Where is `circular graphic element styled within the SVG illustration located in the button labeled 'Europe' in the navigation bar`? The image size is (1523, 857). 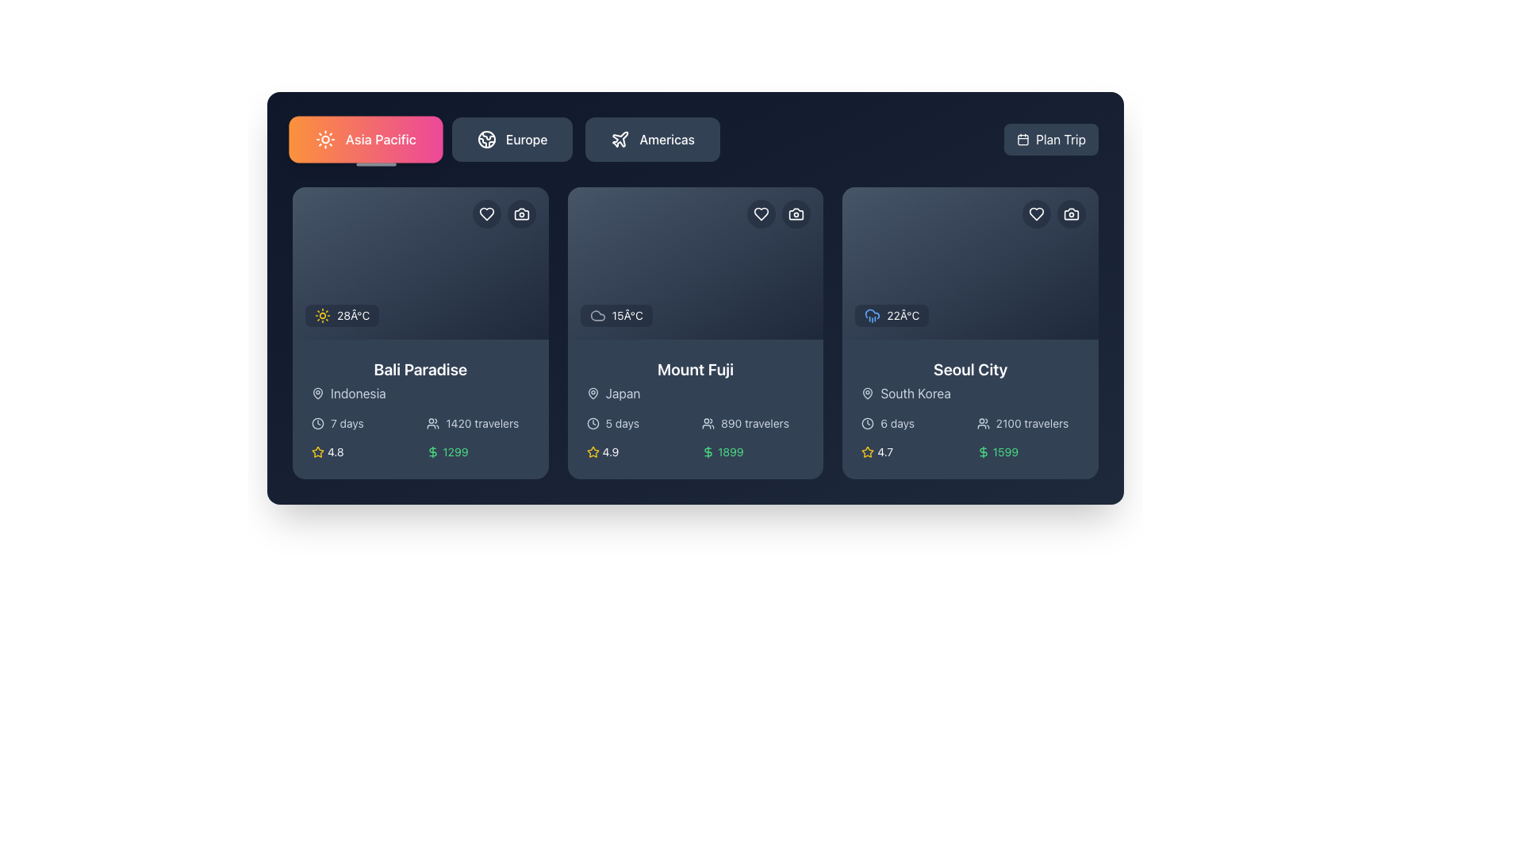
circular graphic element styled within the SVG illustration located in the button labeled 'Europe' in the navigation bar is located at coordinates (486, 139).